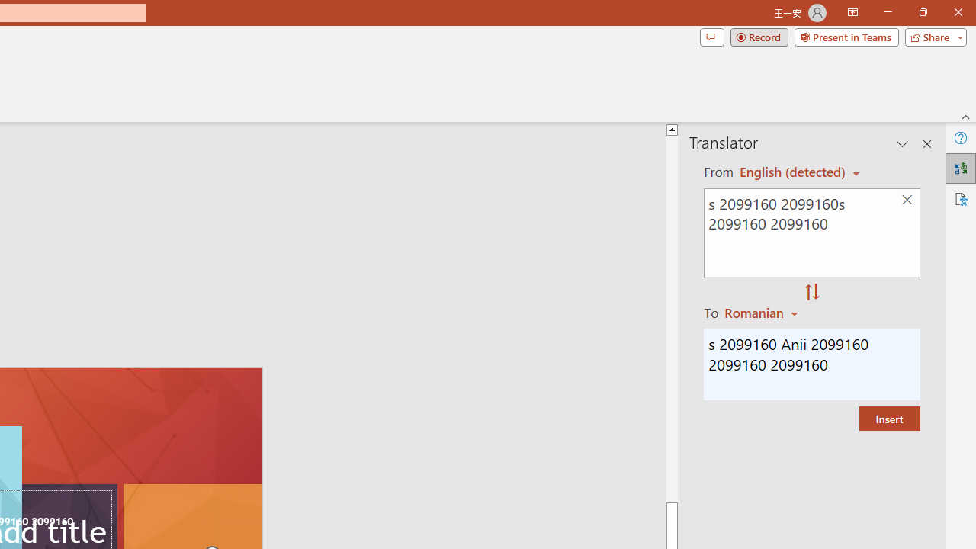 Image resolution: width=976 pixels, height=549 pixels. I want to click on 'Insert', so click(889, 419).